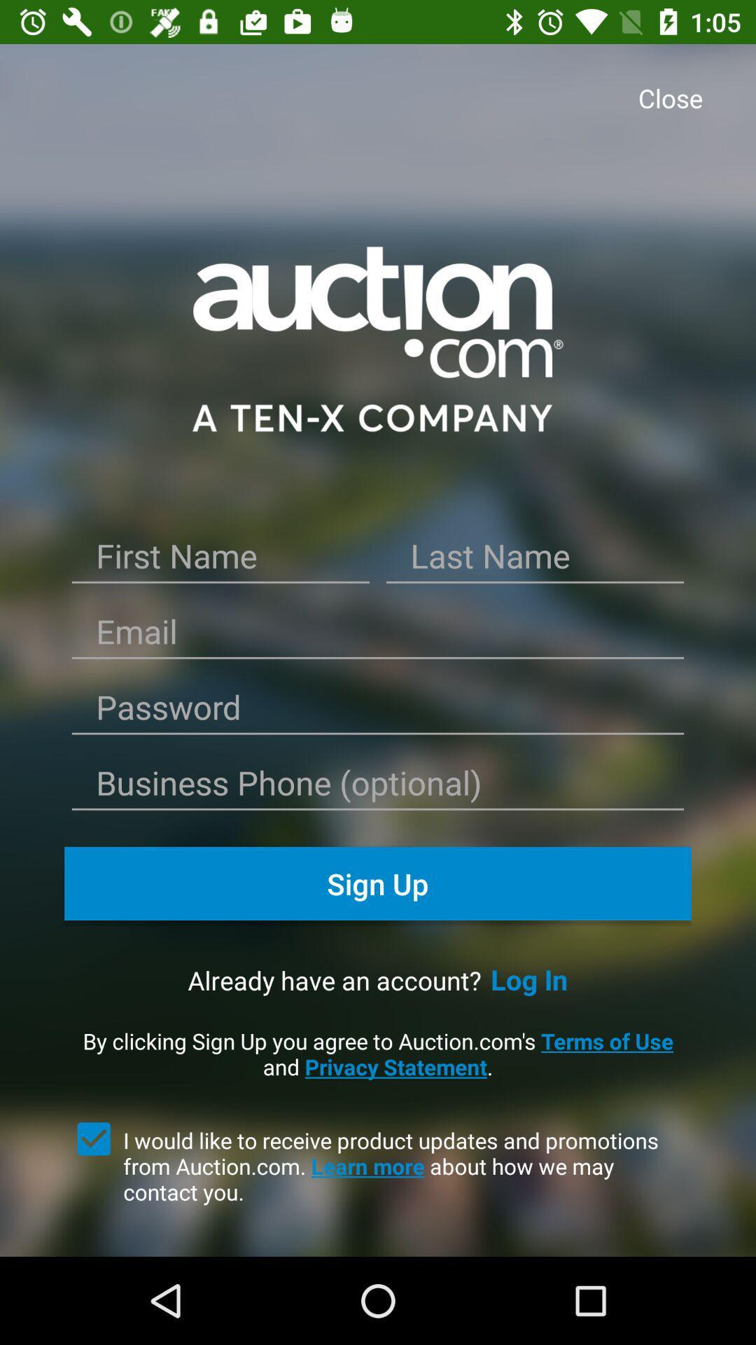 The height and width of the screenshot is (1345, 756). I want to click on first name, so click(220, 561).